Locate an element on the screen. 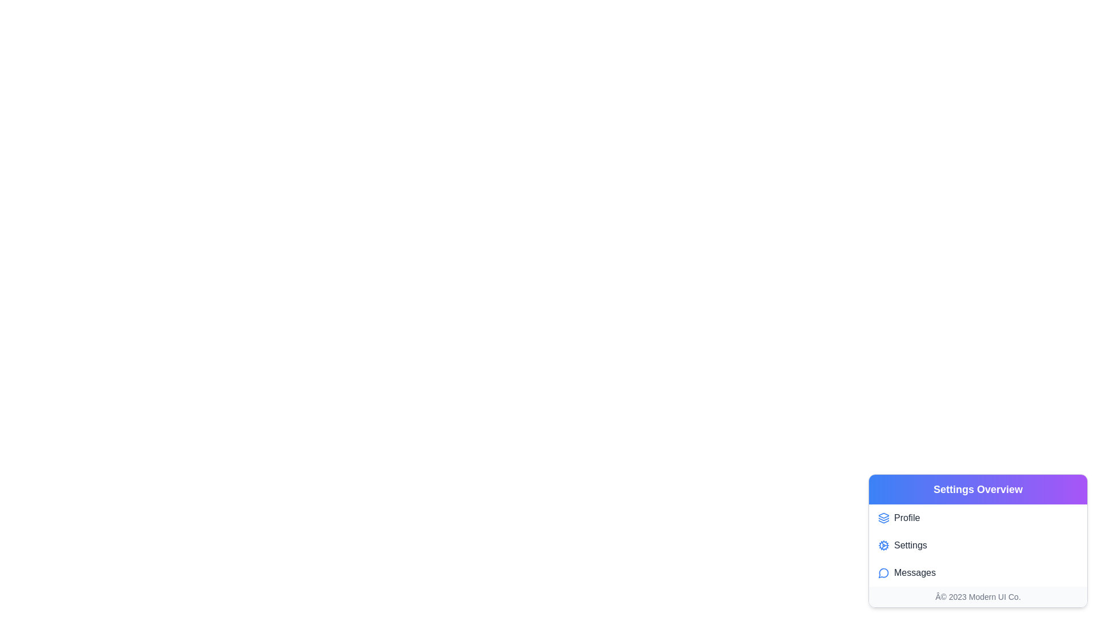 This screenshot has width=1097, height=617. the navigation menu component located at the bottom right corner, which includes options for Profile, Settings, and Messages is located at coordinates (978, 540).